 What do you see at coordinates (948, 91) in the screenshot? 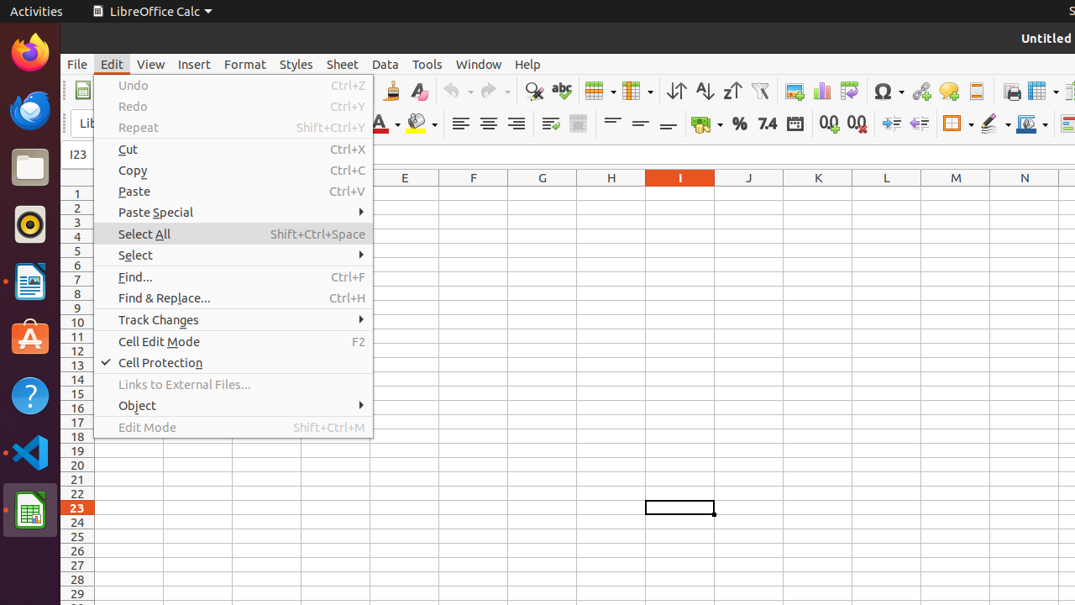
I see `'Comment'` at bounding box center [948, 91].